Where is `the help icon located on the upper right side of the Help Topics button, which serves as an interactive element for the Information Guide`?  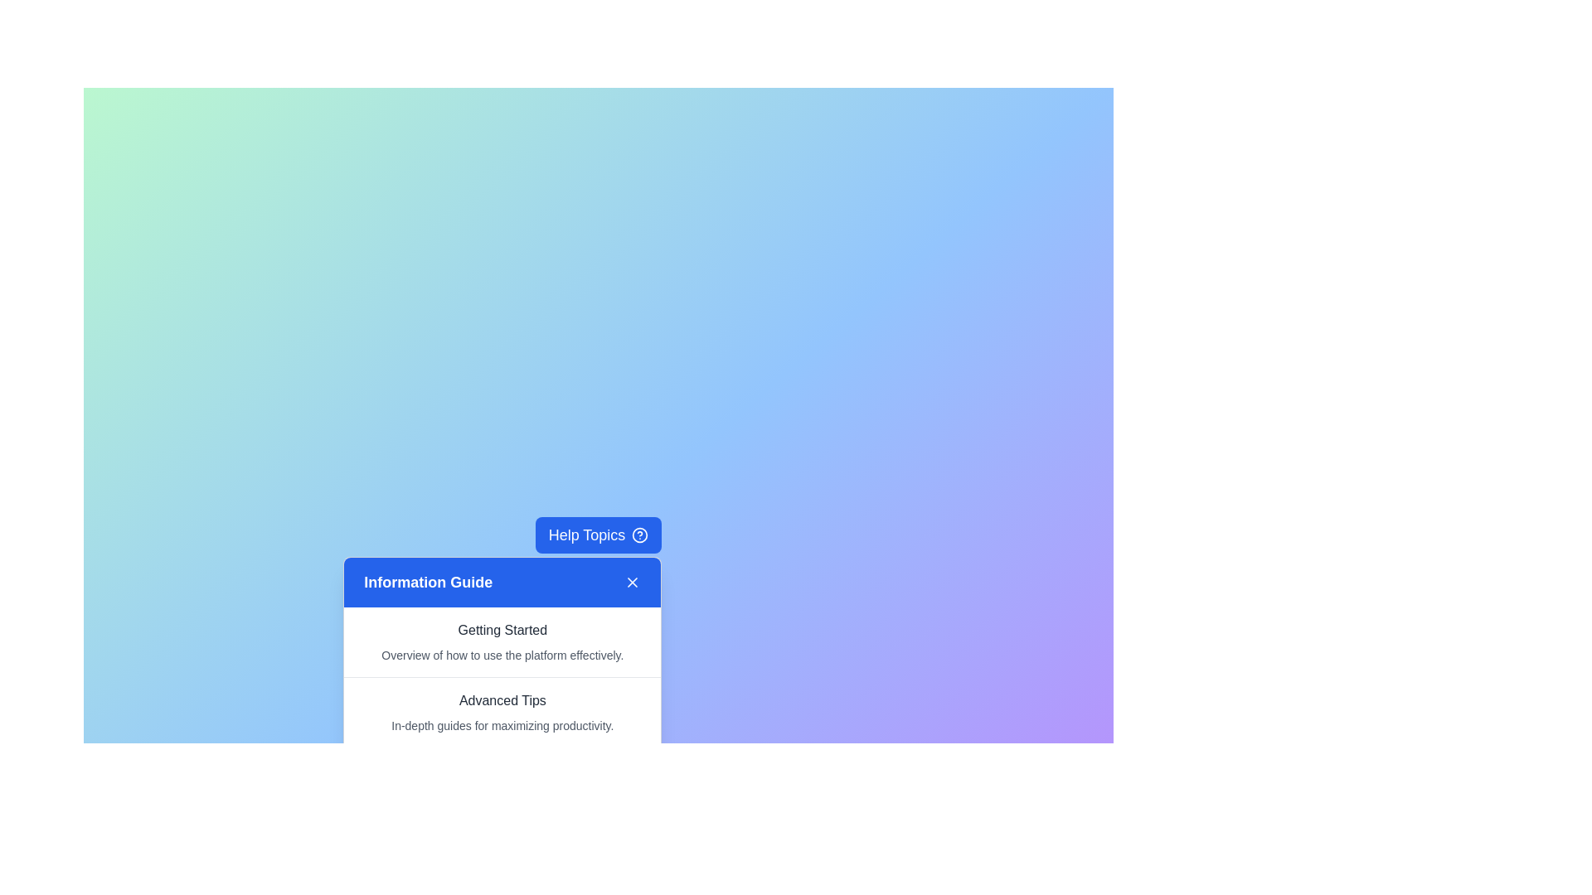 the help icon located on the upper right side of the Help Topics button, which serves as an interactive element for the Information Guide is located at coordinates (639, 535).